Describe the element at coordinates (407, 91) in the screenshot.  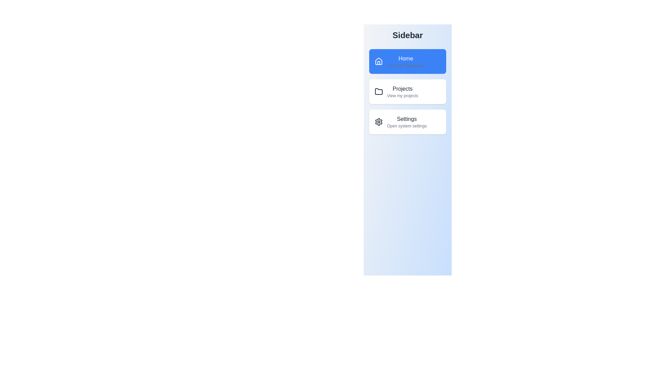
I see `the Projects tab in the sidebar` at that location.